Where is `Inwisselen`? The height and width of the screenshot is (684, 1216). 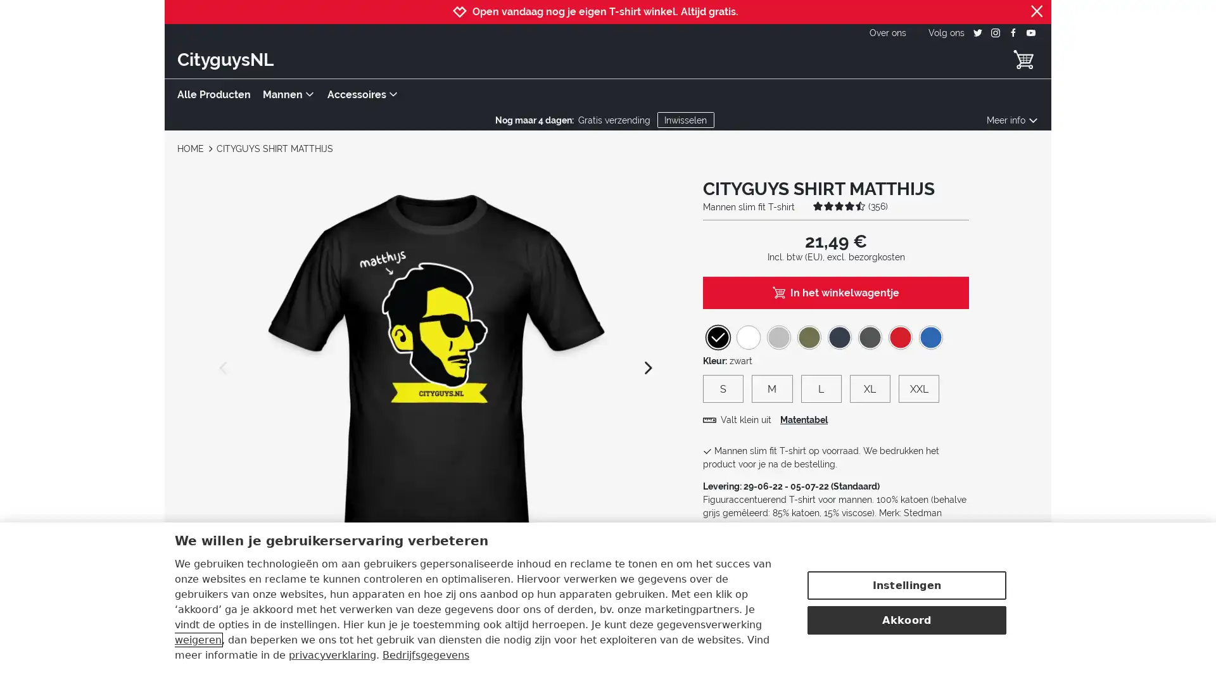 Inwisselen is located at coordinates (684, 120).